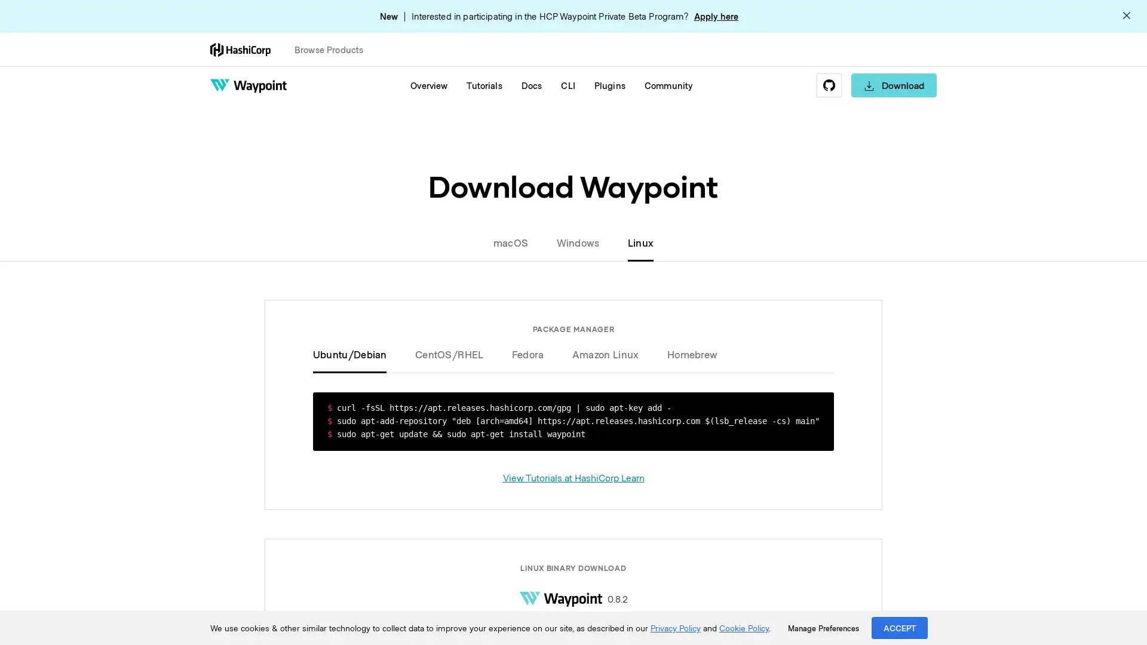  Describe the element at coordinates (823, 628) in the screenshot. I see `Manage Preferences` at that location.